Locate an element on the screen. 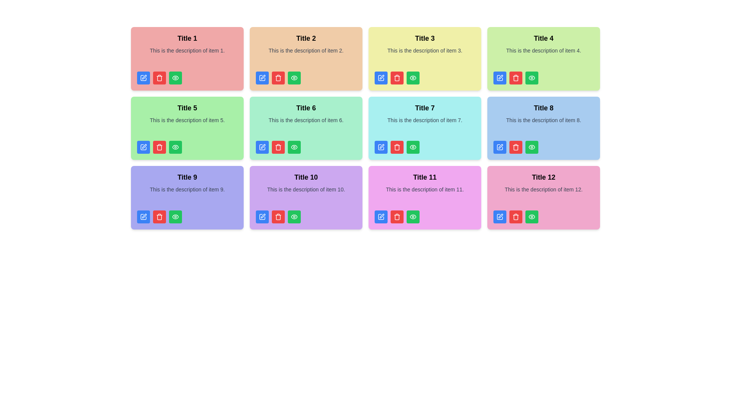  the leftmost icon in the action buttons of the light yellow card labeled 'Title 3' is located at coordinates (381, 78).